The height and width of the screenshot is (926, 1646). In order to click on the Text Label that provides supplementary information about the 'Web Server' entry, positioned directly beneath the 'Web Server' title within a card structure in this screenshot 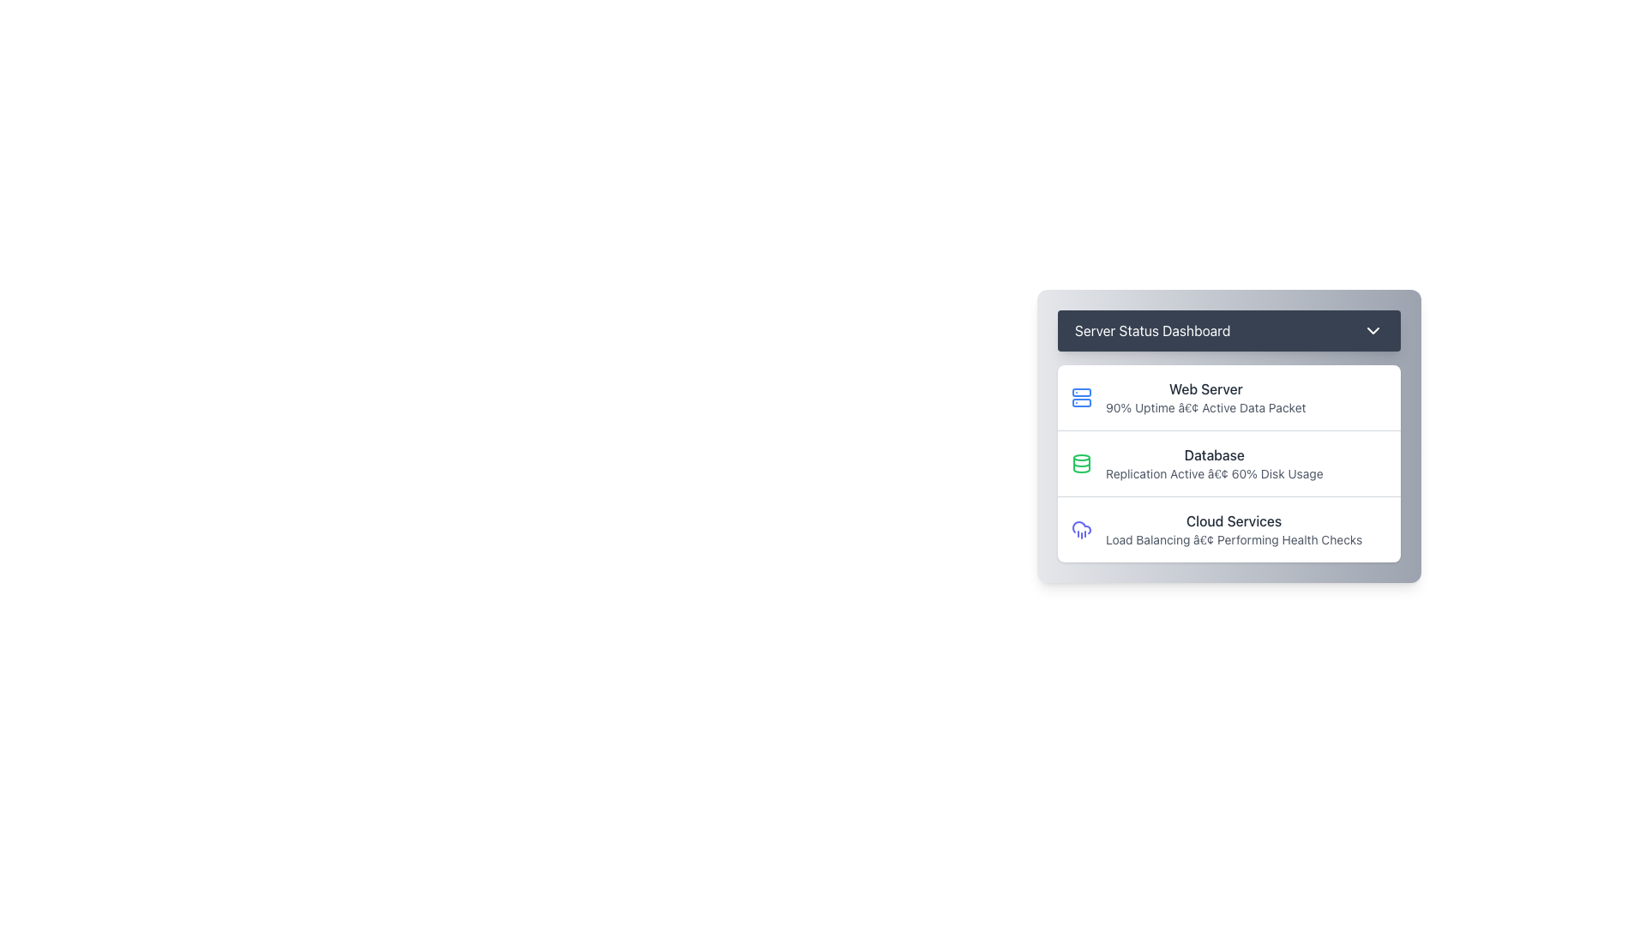, I will do `click(1204, 407)`.